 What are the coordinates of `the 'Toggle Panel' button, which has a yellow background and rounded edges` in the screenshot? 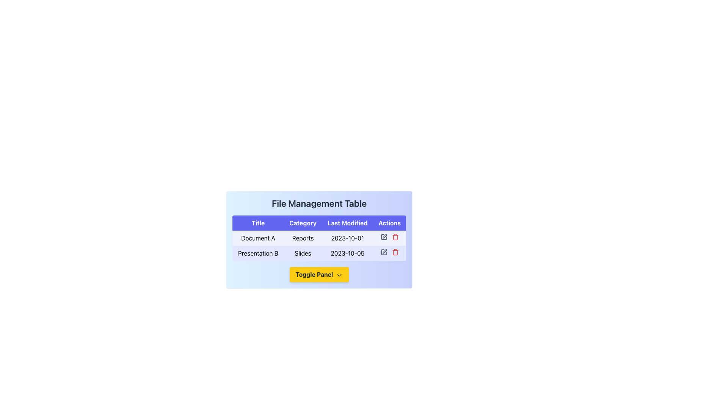 It's located at (319, 275).